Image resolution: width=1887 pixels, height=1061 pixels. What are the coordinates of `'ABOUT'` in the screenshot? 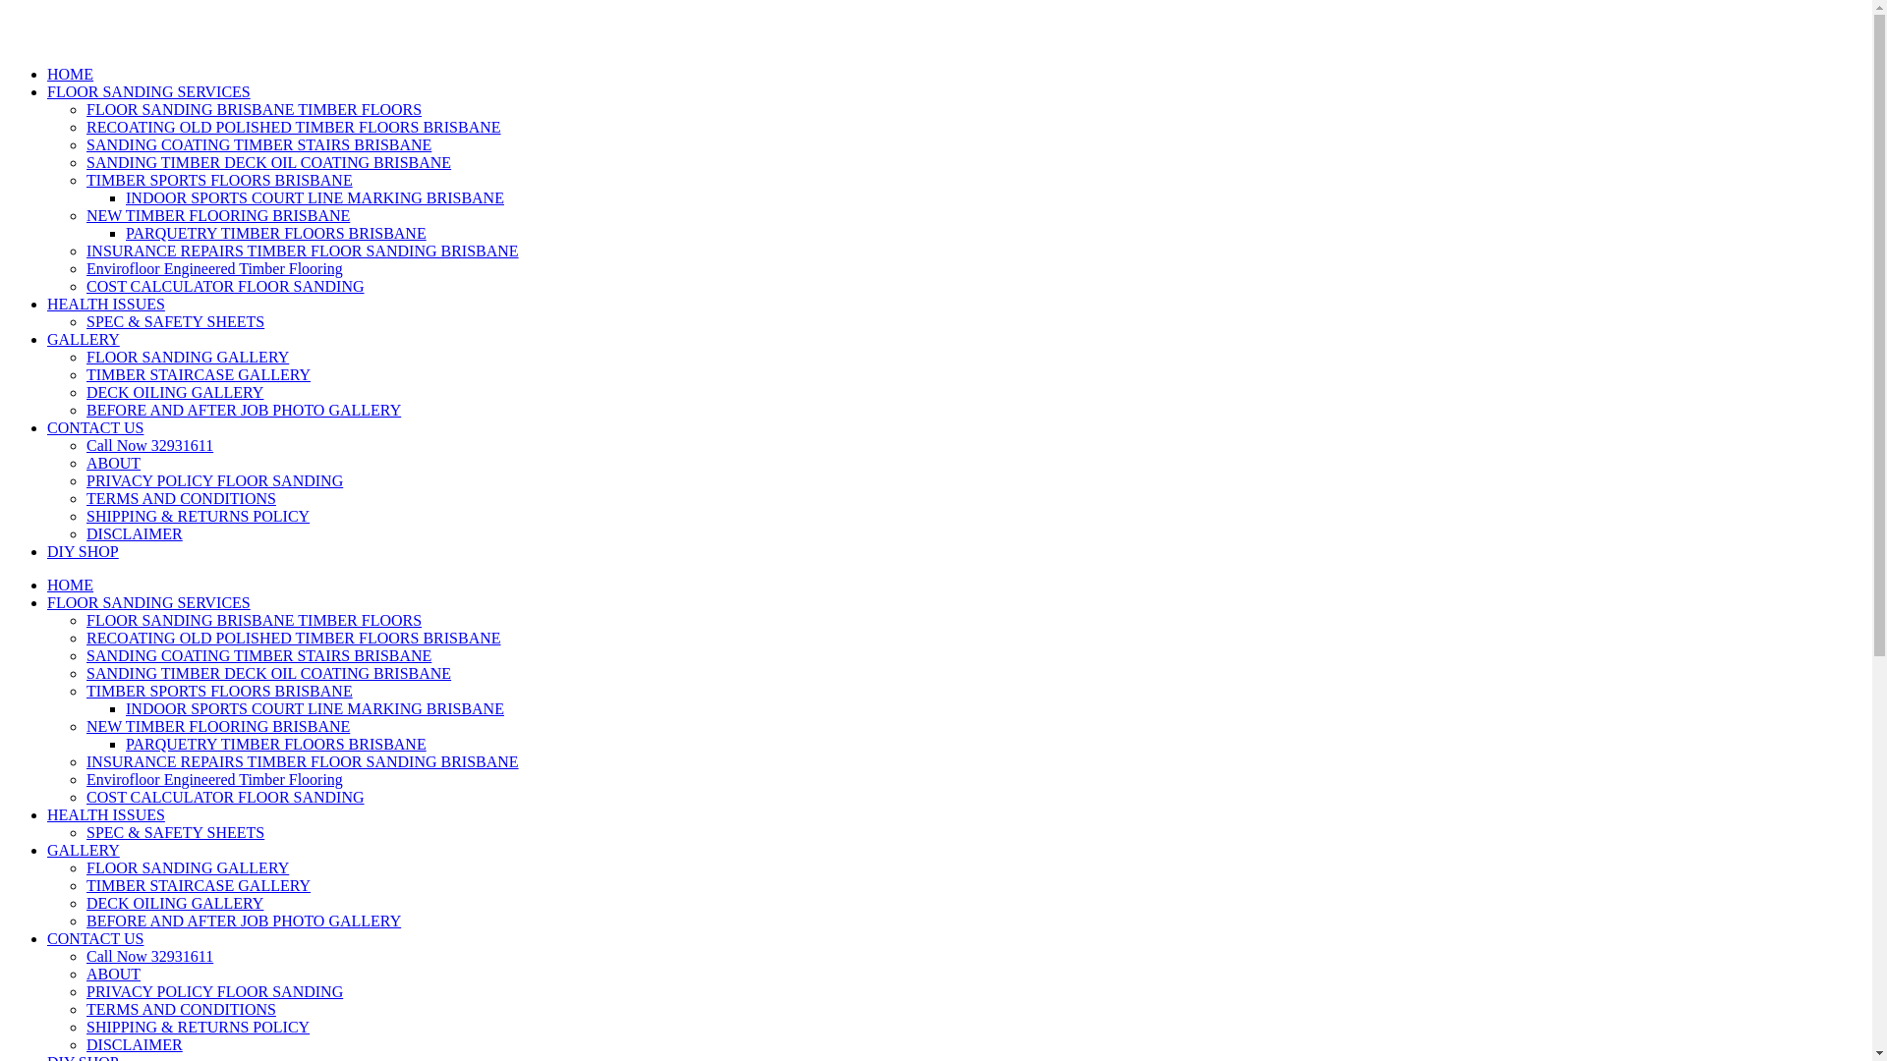 It's located at (112, 463).